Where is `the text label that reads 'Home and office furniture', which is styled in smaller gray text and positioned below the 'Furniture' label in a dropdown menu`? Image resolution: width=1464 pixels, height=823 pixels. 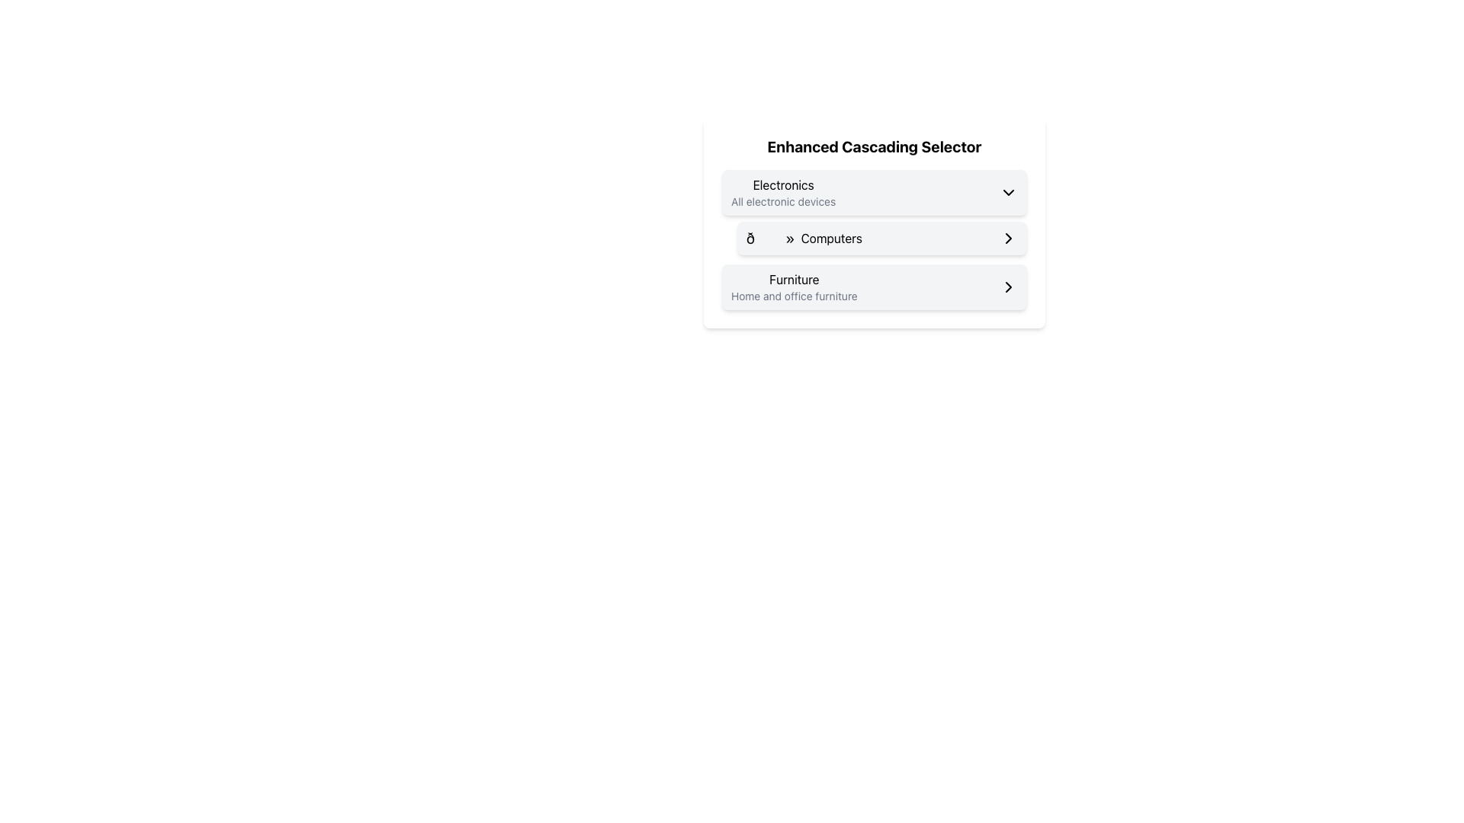 the text label that reads 'Home and office furniture', which is styled in smaller gray text and positioned below the 'Furniture' label in a dropdown menu is located at coordinates (793, 296).